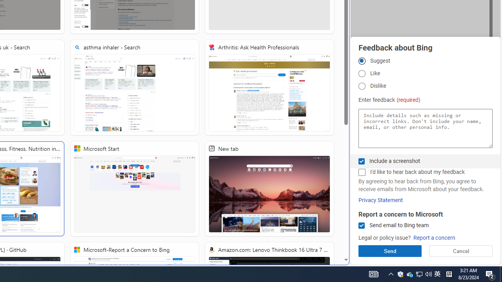  What do you see at coordinates (380, 200) in the screenshot?
I see `'Privacy Statement'` at bounding box center [380, 200].